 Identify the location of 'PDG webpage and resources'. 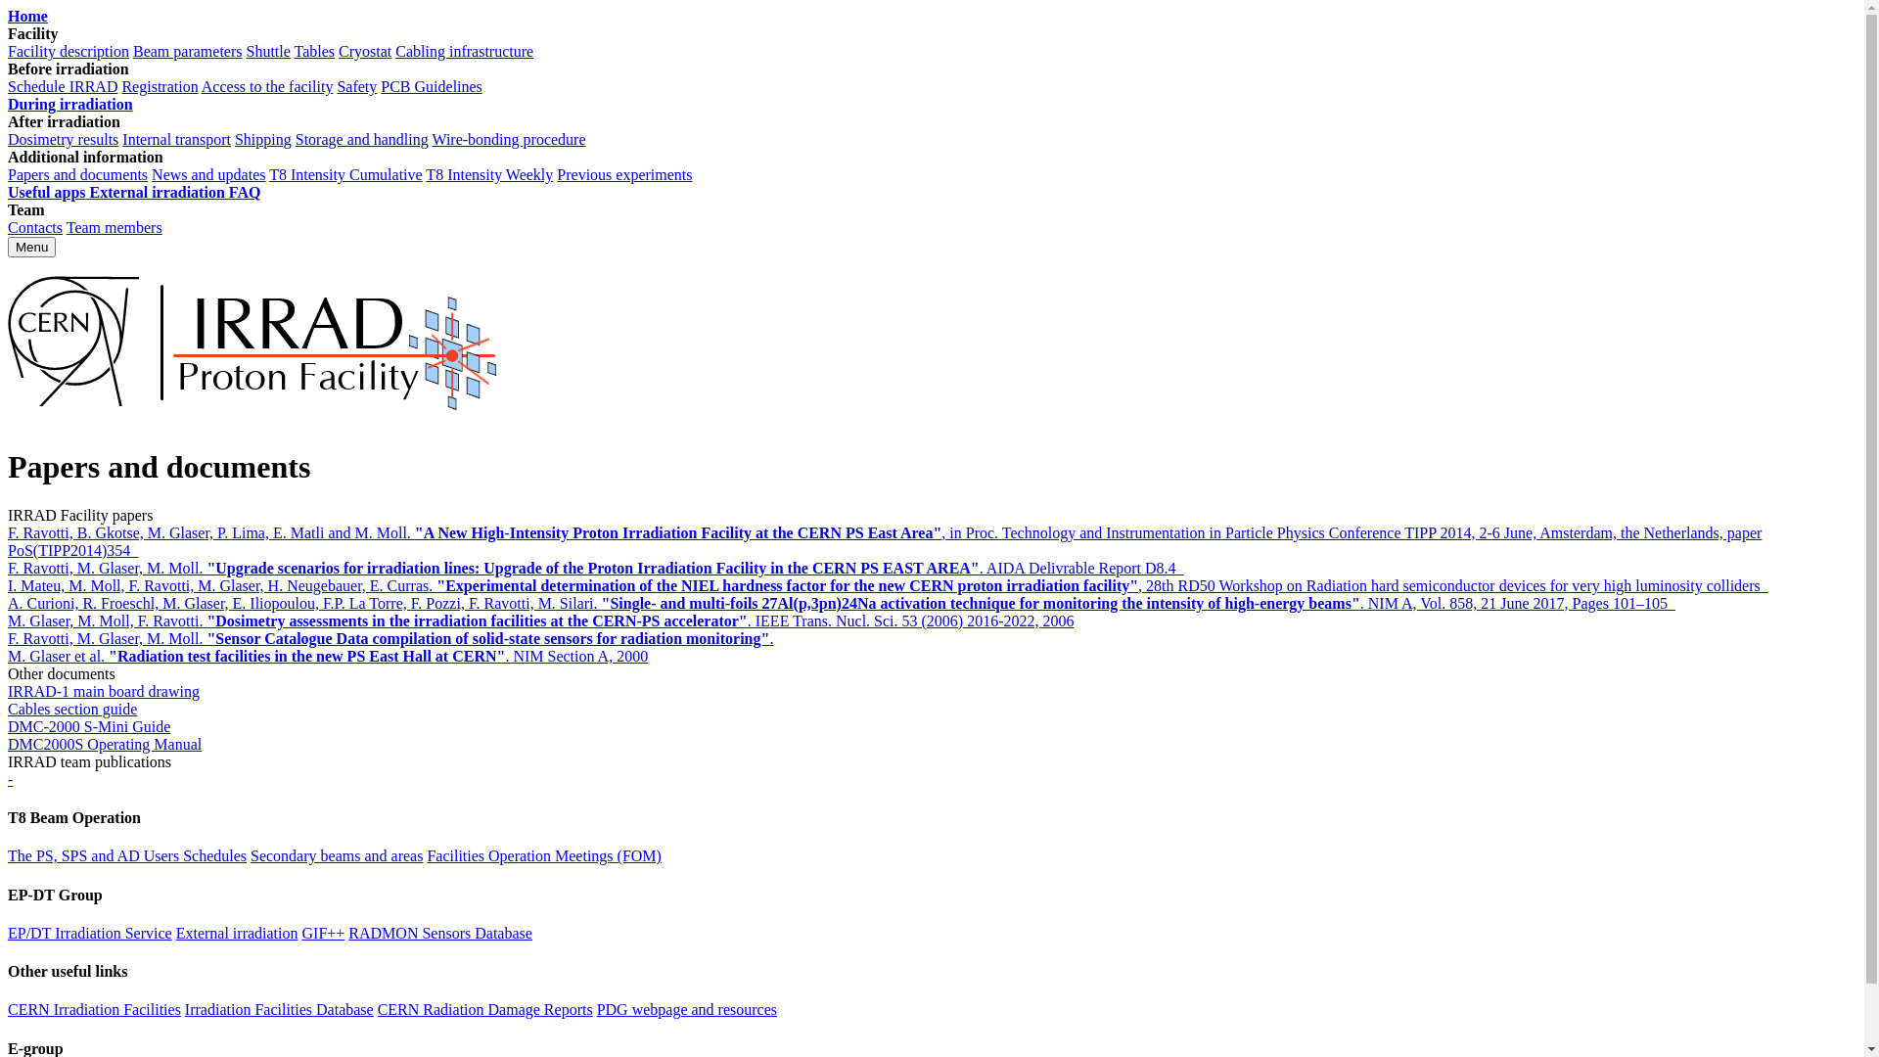
(595, 1009).